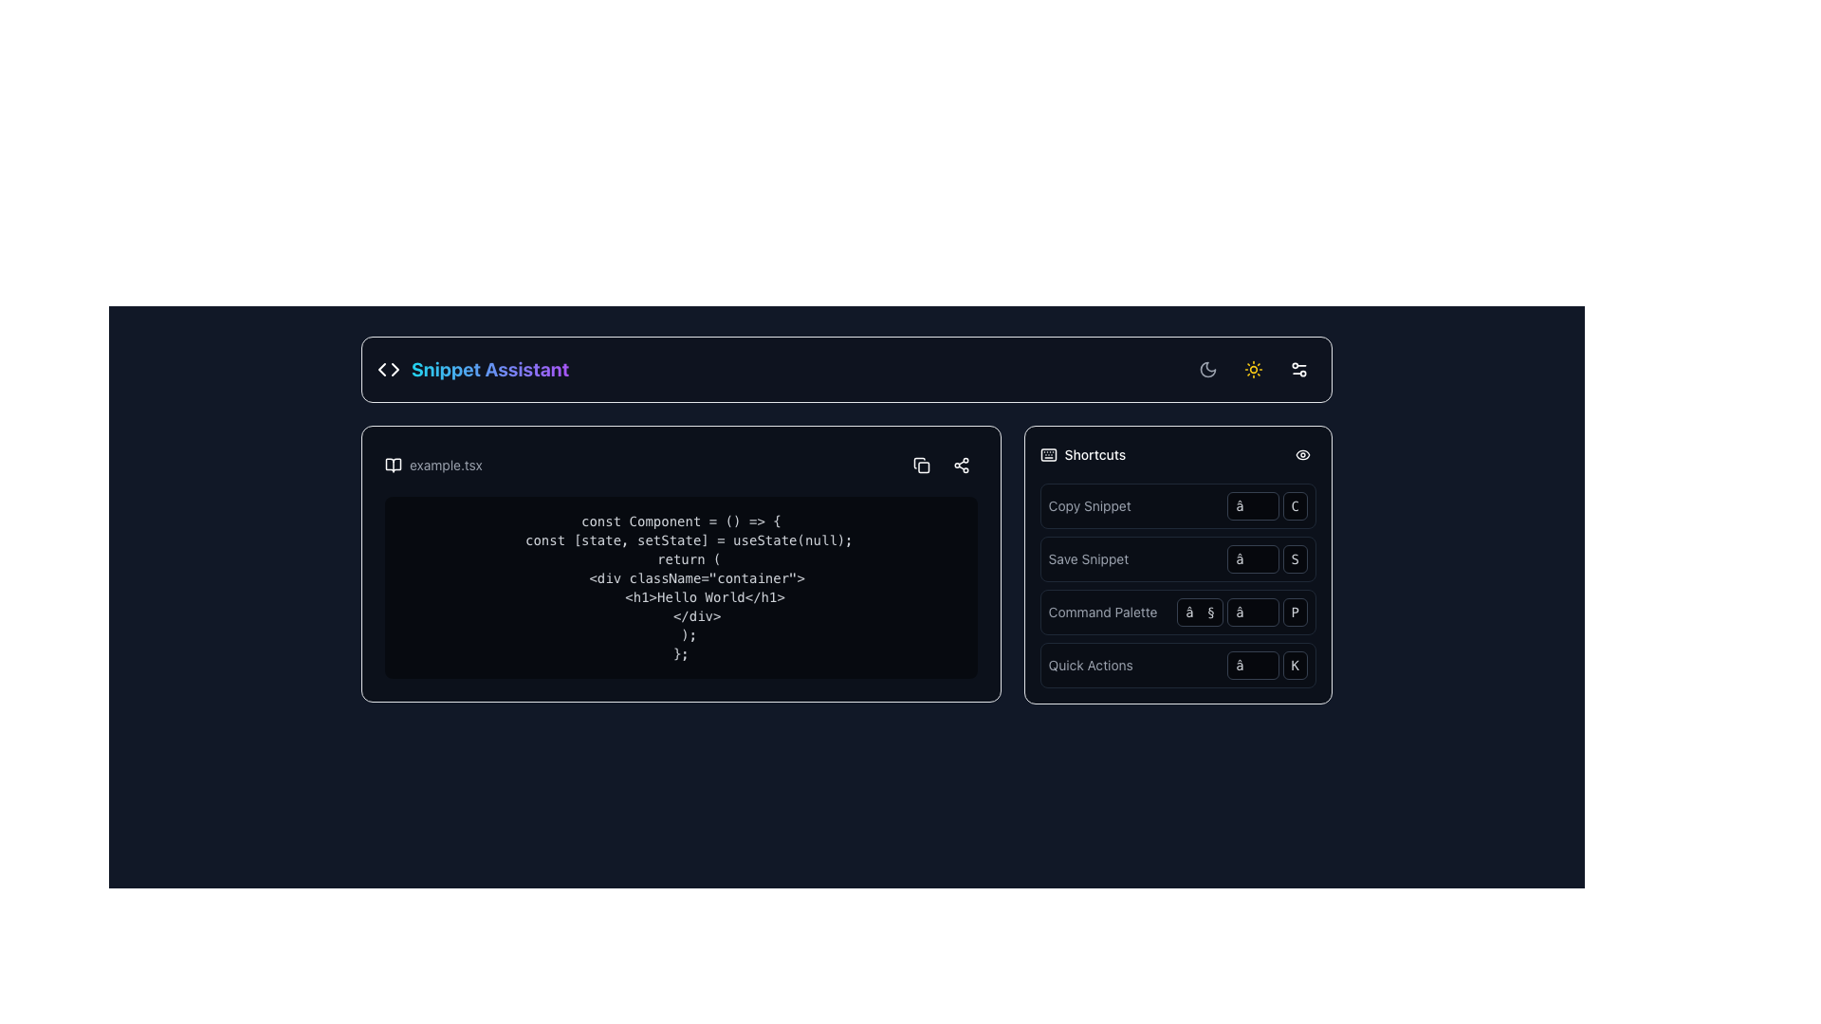  What do you see at coordinates (1177, 558) in the screenshot?
I see `the 'Save Snippet' button with shortcut indicators located on the right side of the interface, below the 'Copy Snippet' button and above the 'Command Palette' button` at bounding box center [1177, 558].